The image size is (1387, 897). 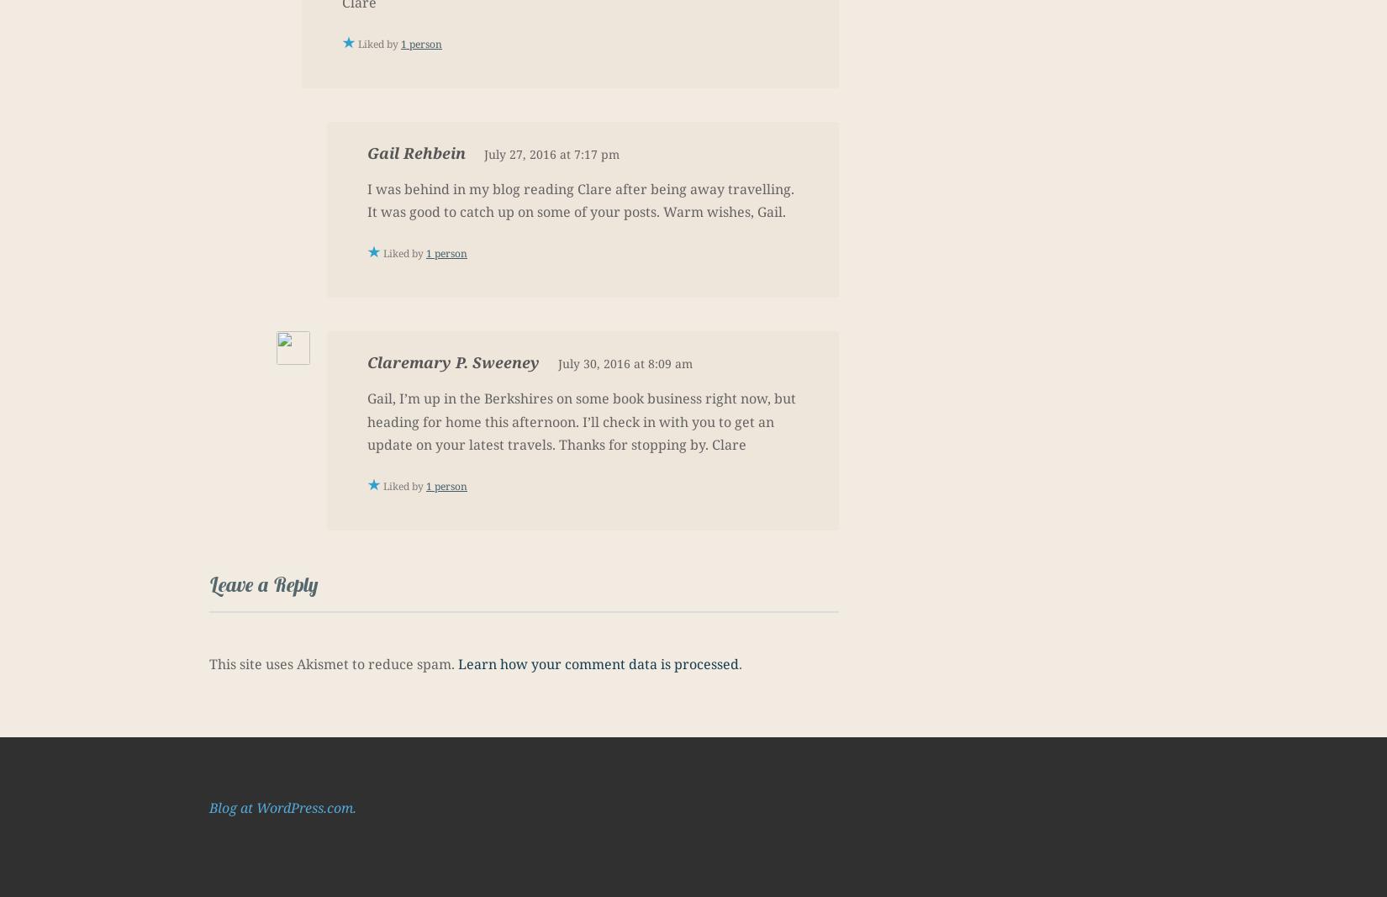 I want to click on '.', so click(x=738, y=663).